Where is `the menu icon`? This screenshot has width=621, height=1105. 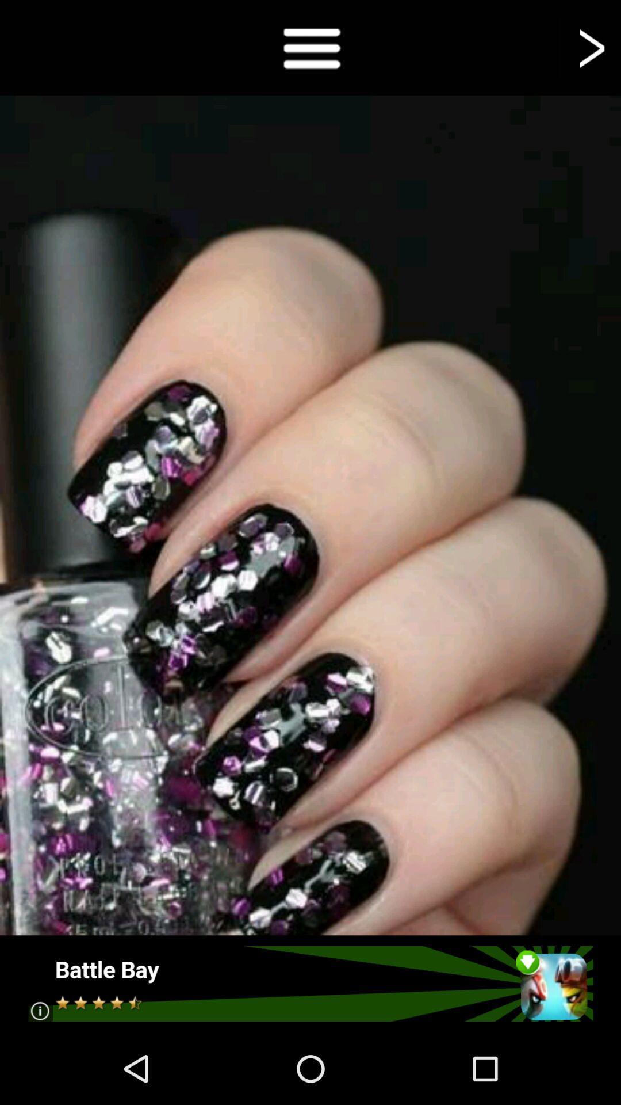
the menu icon is located at coordinates (310, 50).